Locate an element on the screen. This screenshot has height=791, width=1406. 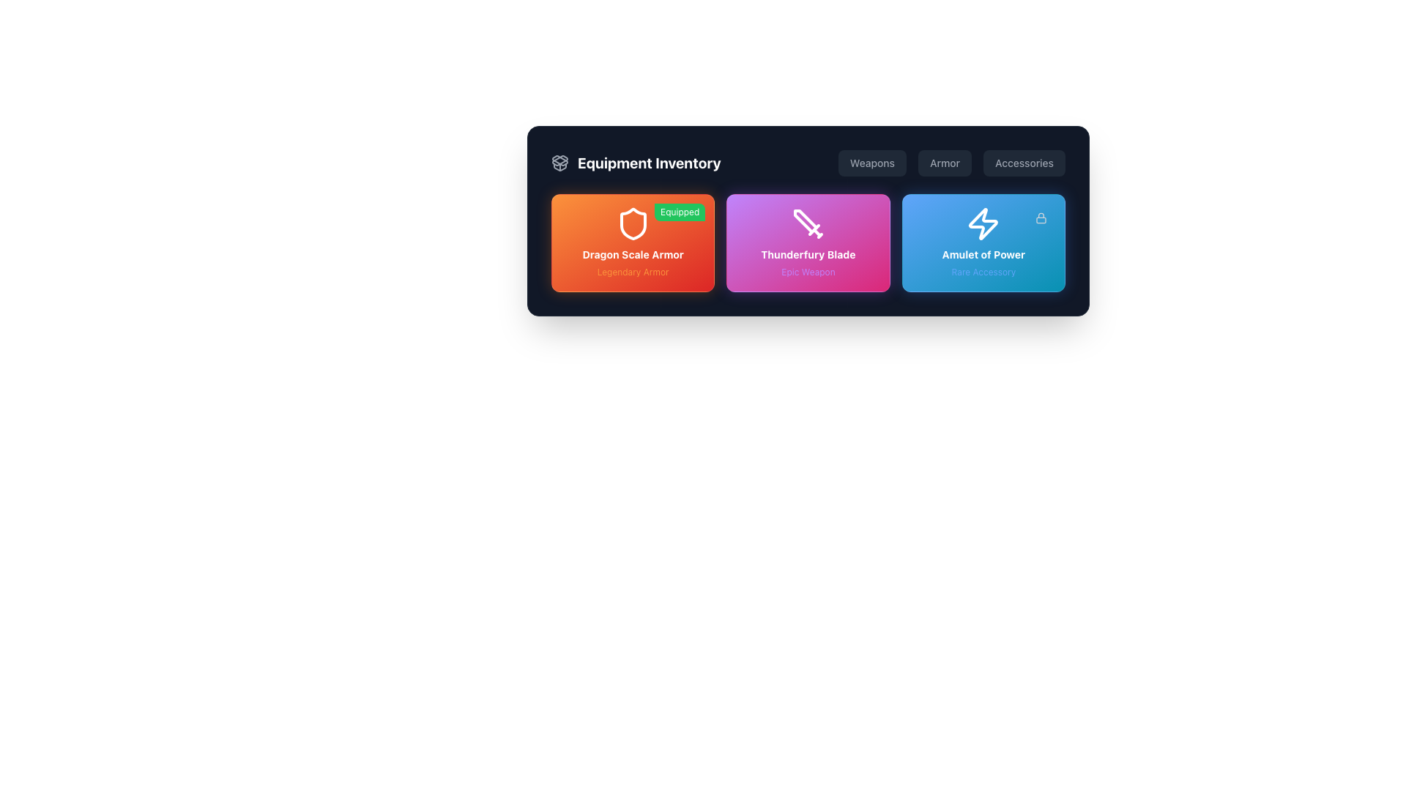
the shield icon representing 'Dragon Scale Armor', which is a white outline icon on an orange background, located in the top-left section of the component is located at coordinates (633, 223).